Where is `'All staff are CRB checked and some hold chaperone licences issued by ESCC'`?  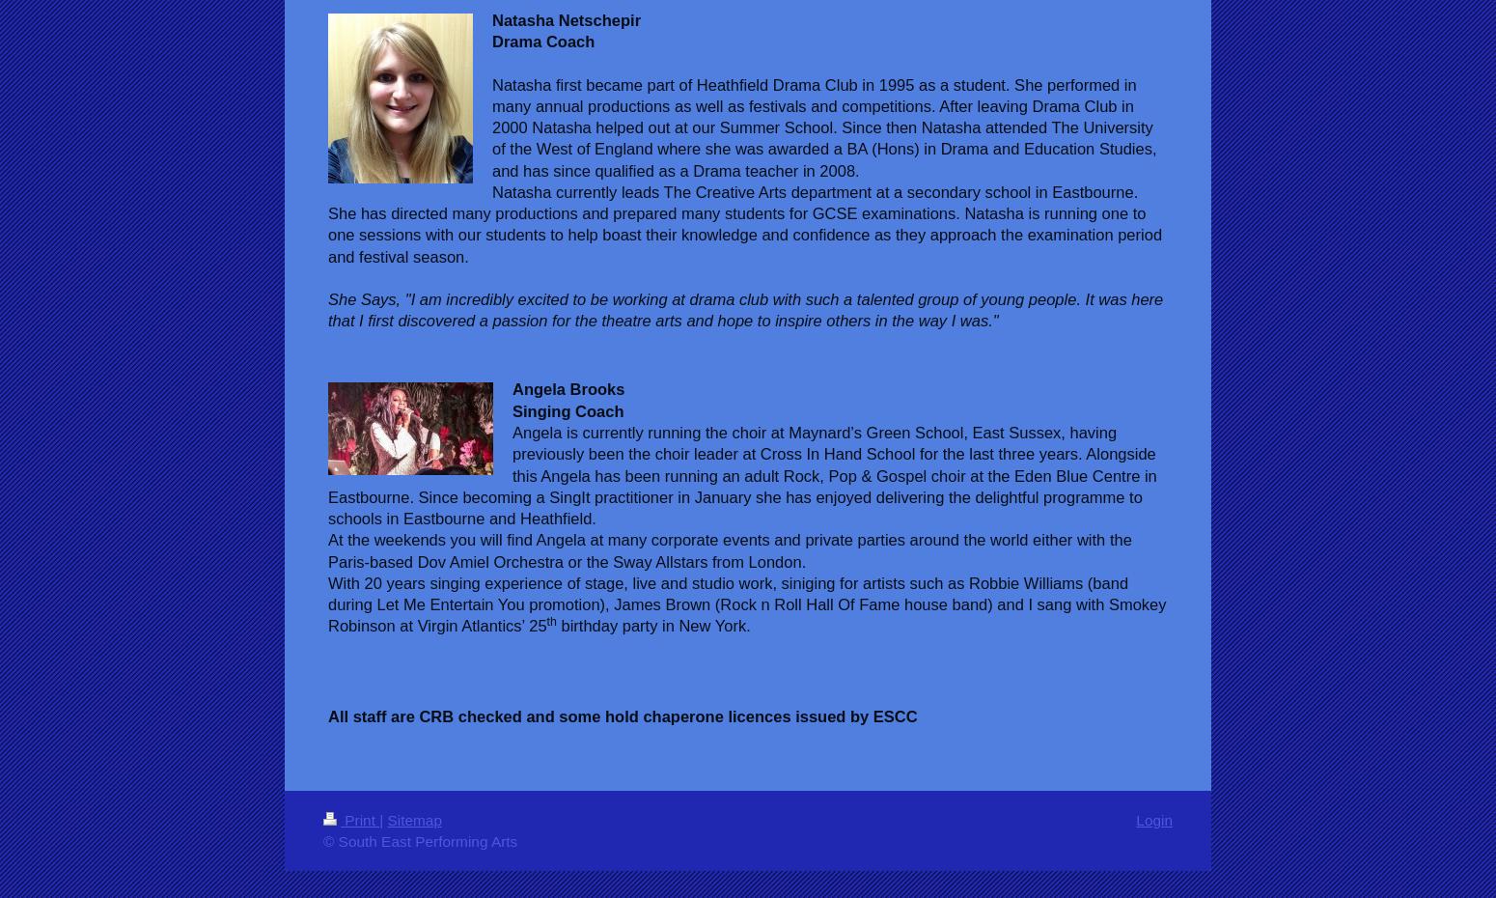
'All staff are CRB checked and some hold chaperone licences issued by ESCC' is located at coordinates (327, 716).